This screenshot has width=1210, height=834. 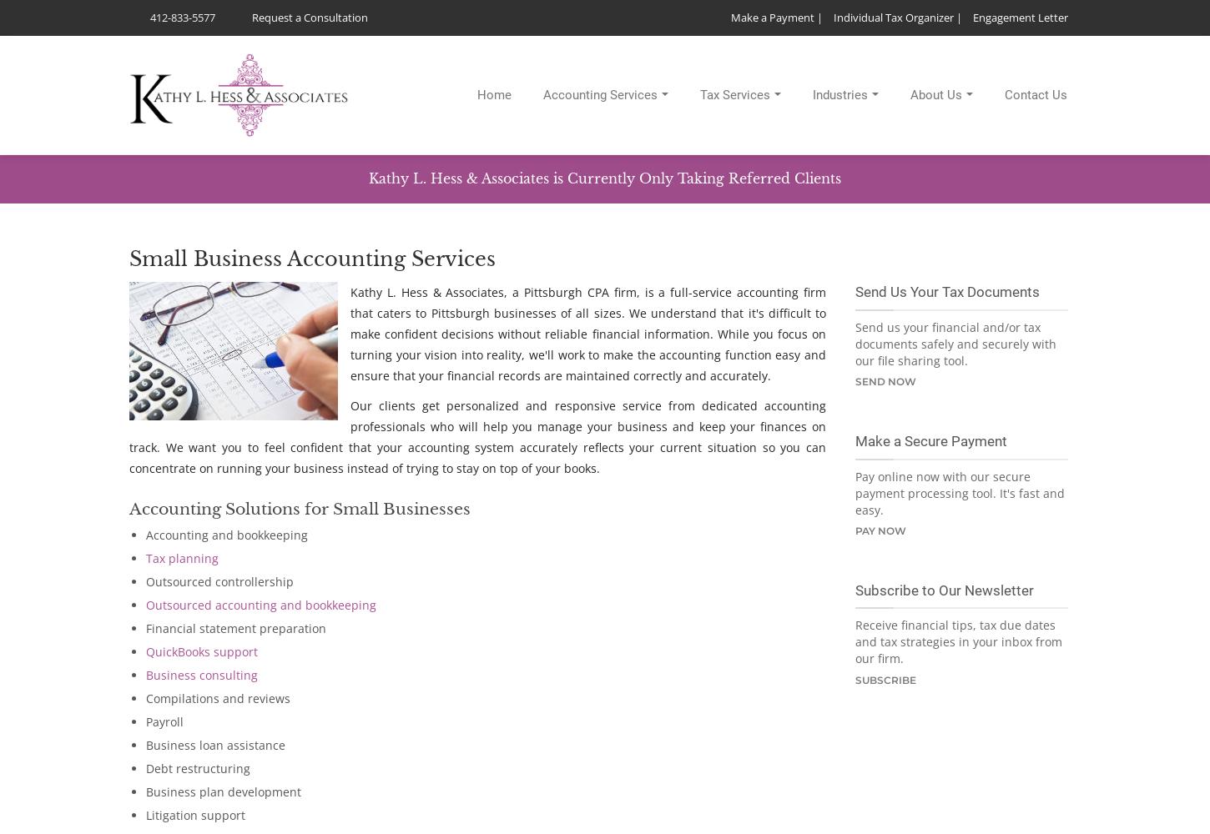 What do you see at coordinates (202, 651) in the screenshot?
I see `'QuickBooks support'` at bounding box center [202, 651].